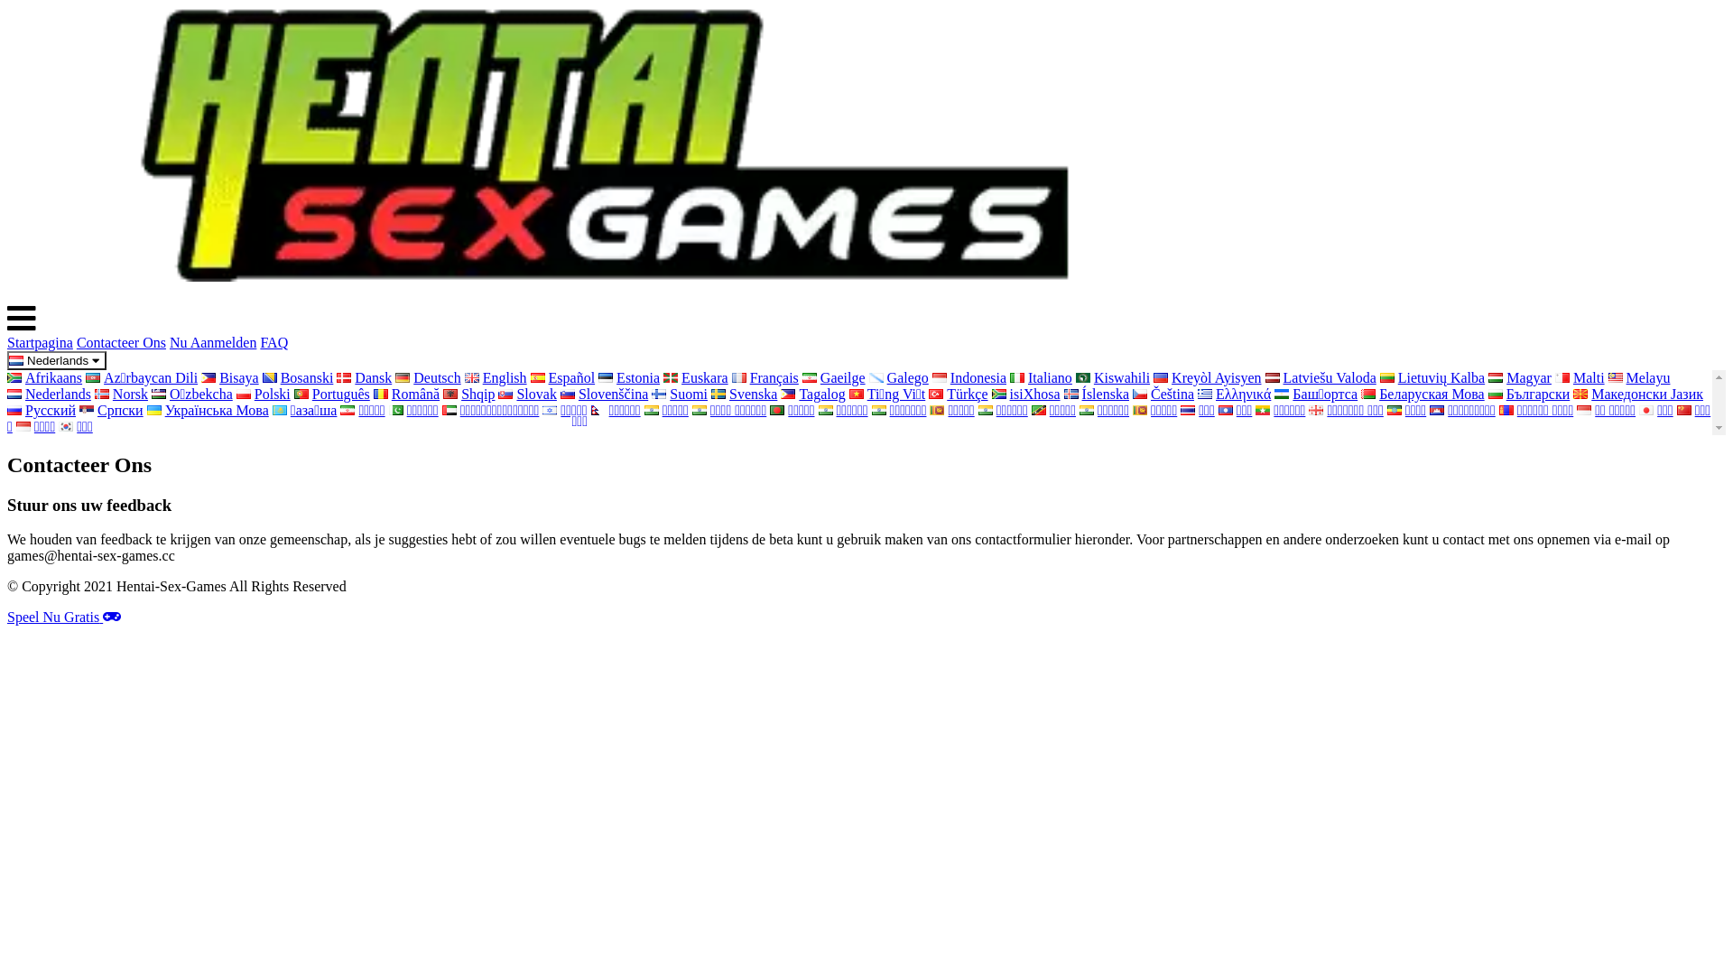 The width and height of the screenshot is (1733, 975). What do you see at coordinates (1041, 376) in the screenshot?
I see `'Italiano'` at bounding box center [1041, 376].